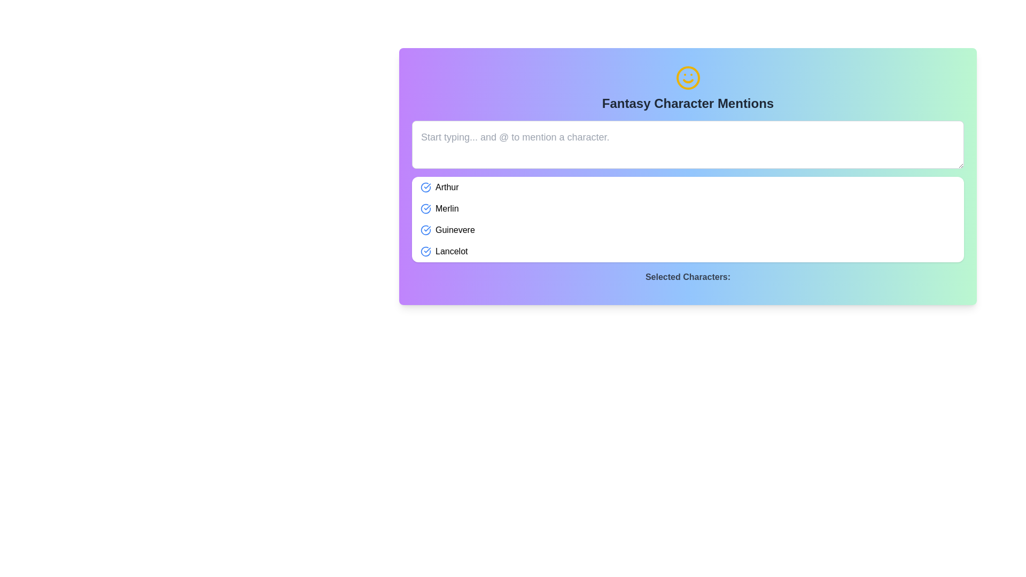 Image resolution: width=1026 pixels, height=577 pixels. Describe the element at coordinates (425, 251) in the screenshot. I see `the Icon - Circle Checkmark` at that location.